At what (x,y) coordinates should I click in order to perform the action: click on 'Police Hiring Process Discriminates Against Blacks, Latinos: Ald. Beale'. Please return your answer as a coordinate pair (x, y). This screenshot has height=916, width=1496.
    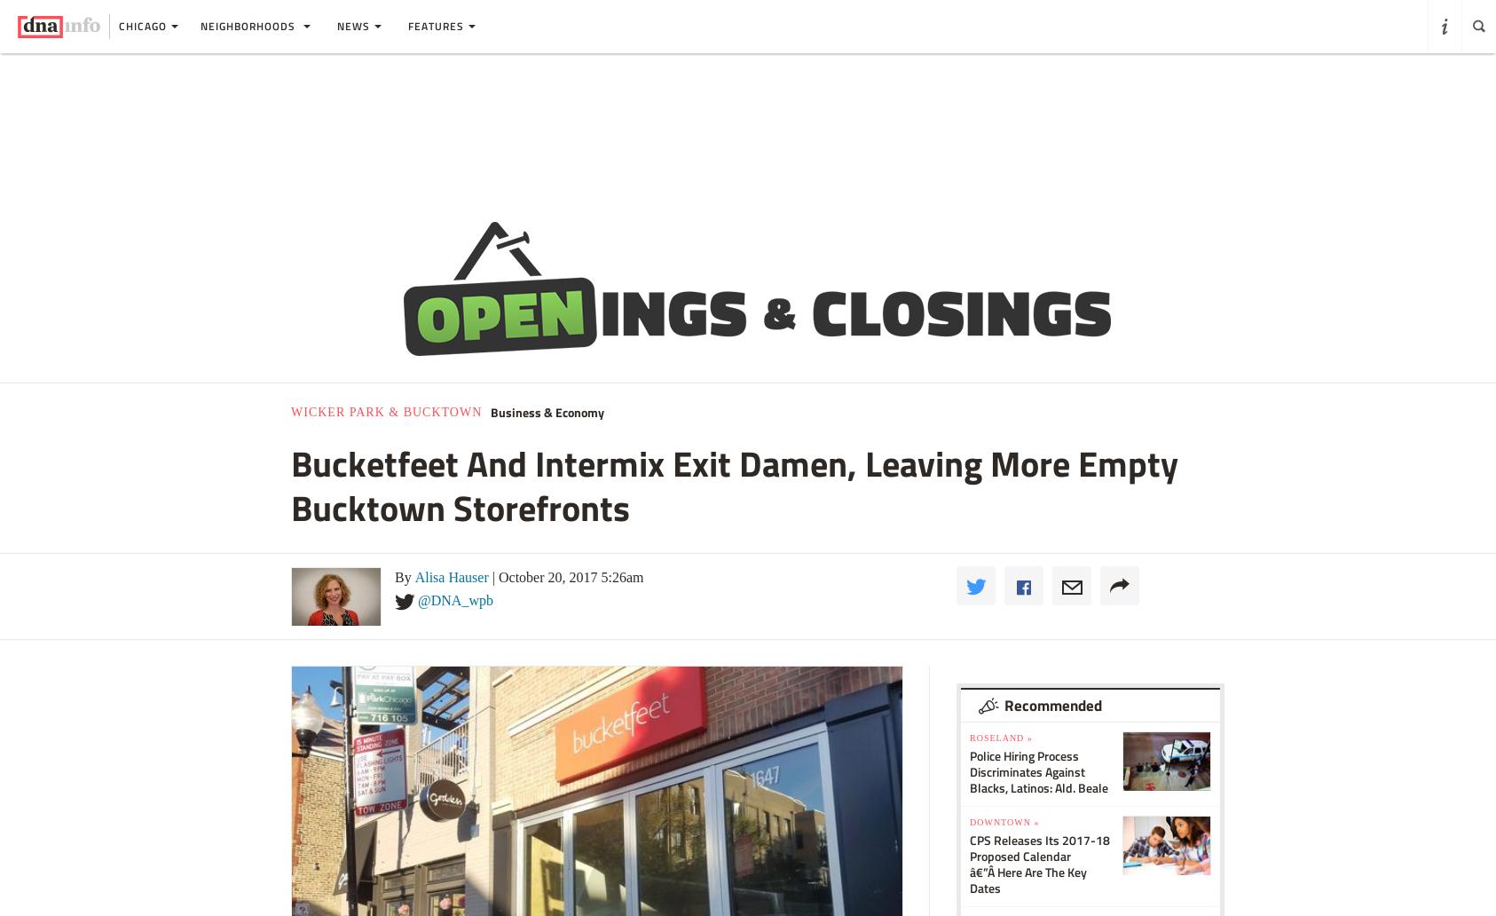
    Looking at the image, I should click on (1037, 770).